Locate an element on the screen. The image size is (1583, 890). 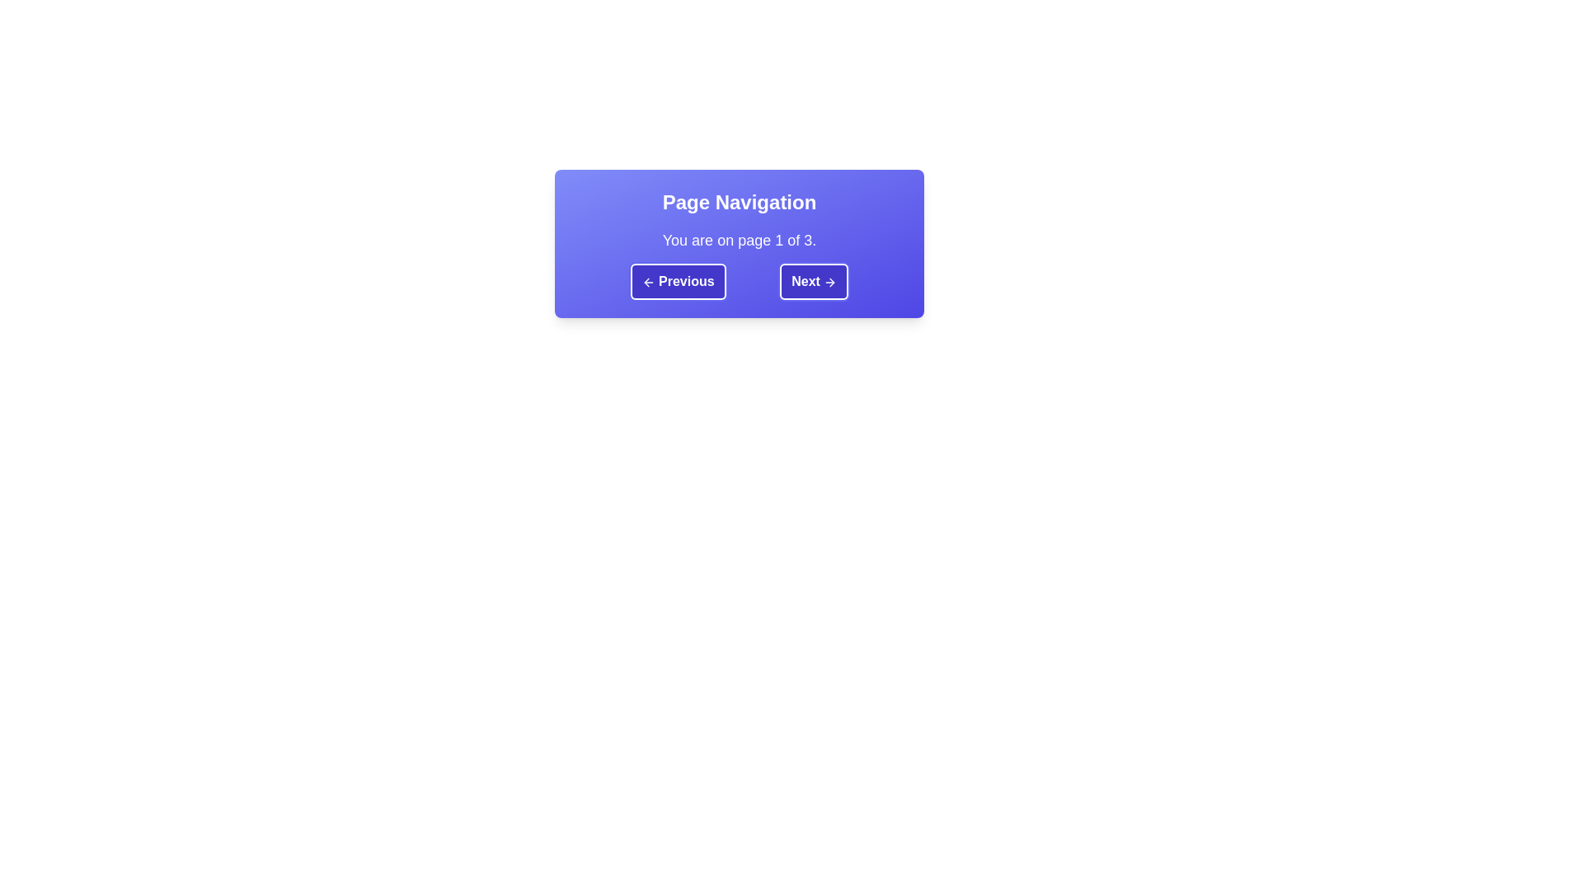
the left-pointing arrow icon in the 'Previous' button to trigger the tooltip effect is located at coordinates (647, 281).